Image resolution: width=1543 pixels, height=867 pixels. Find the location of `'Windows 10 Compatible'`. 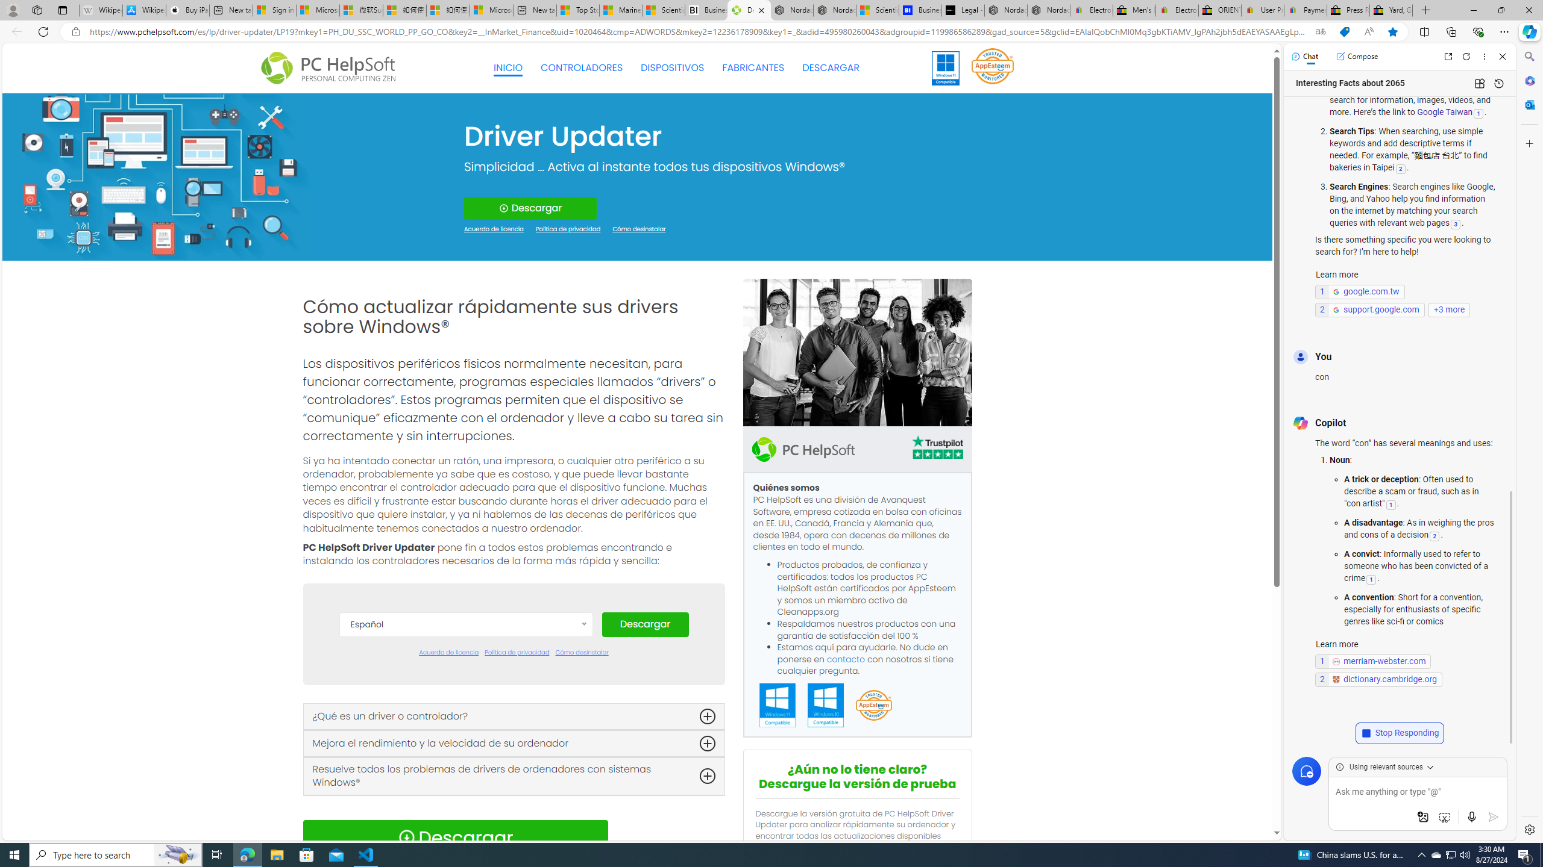

'Windows 10 Compatible' is located at coordinates (825, 705).